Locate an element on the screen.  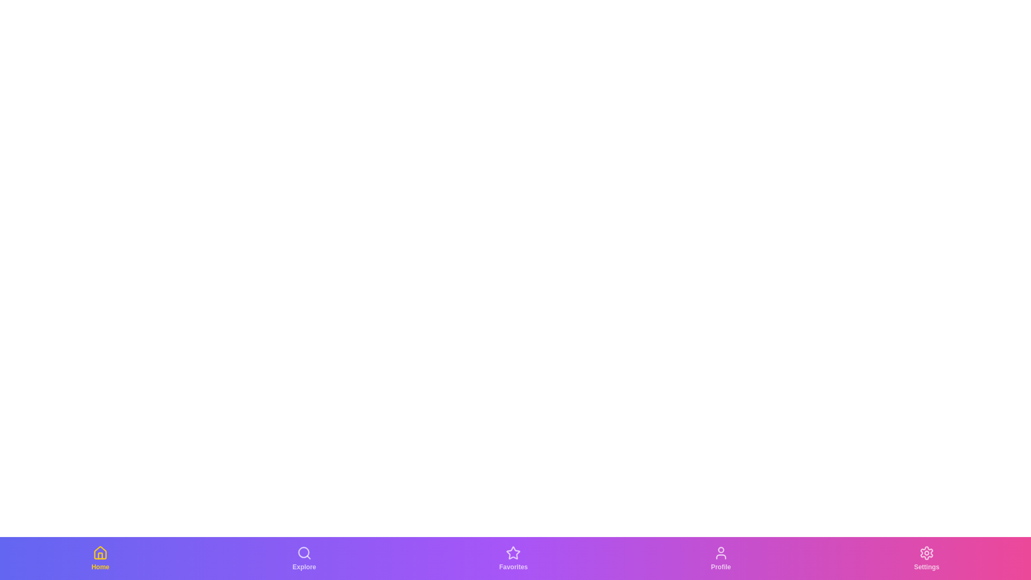
the tab labeled Explore to observe its hover effect is located at coordinates (303, 558).